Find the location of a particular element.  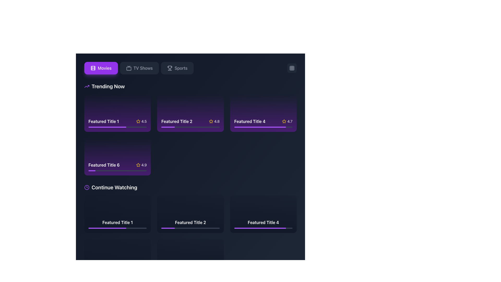

the progress bar located beneath the text 'Featured Title 4', which displays the progress of related content is located at coordinates (263, 228).